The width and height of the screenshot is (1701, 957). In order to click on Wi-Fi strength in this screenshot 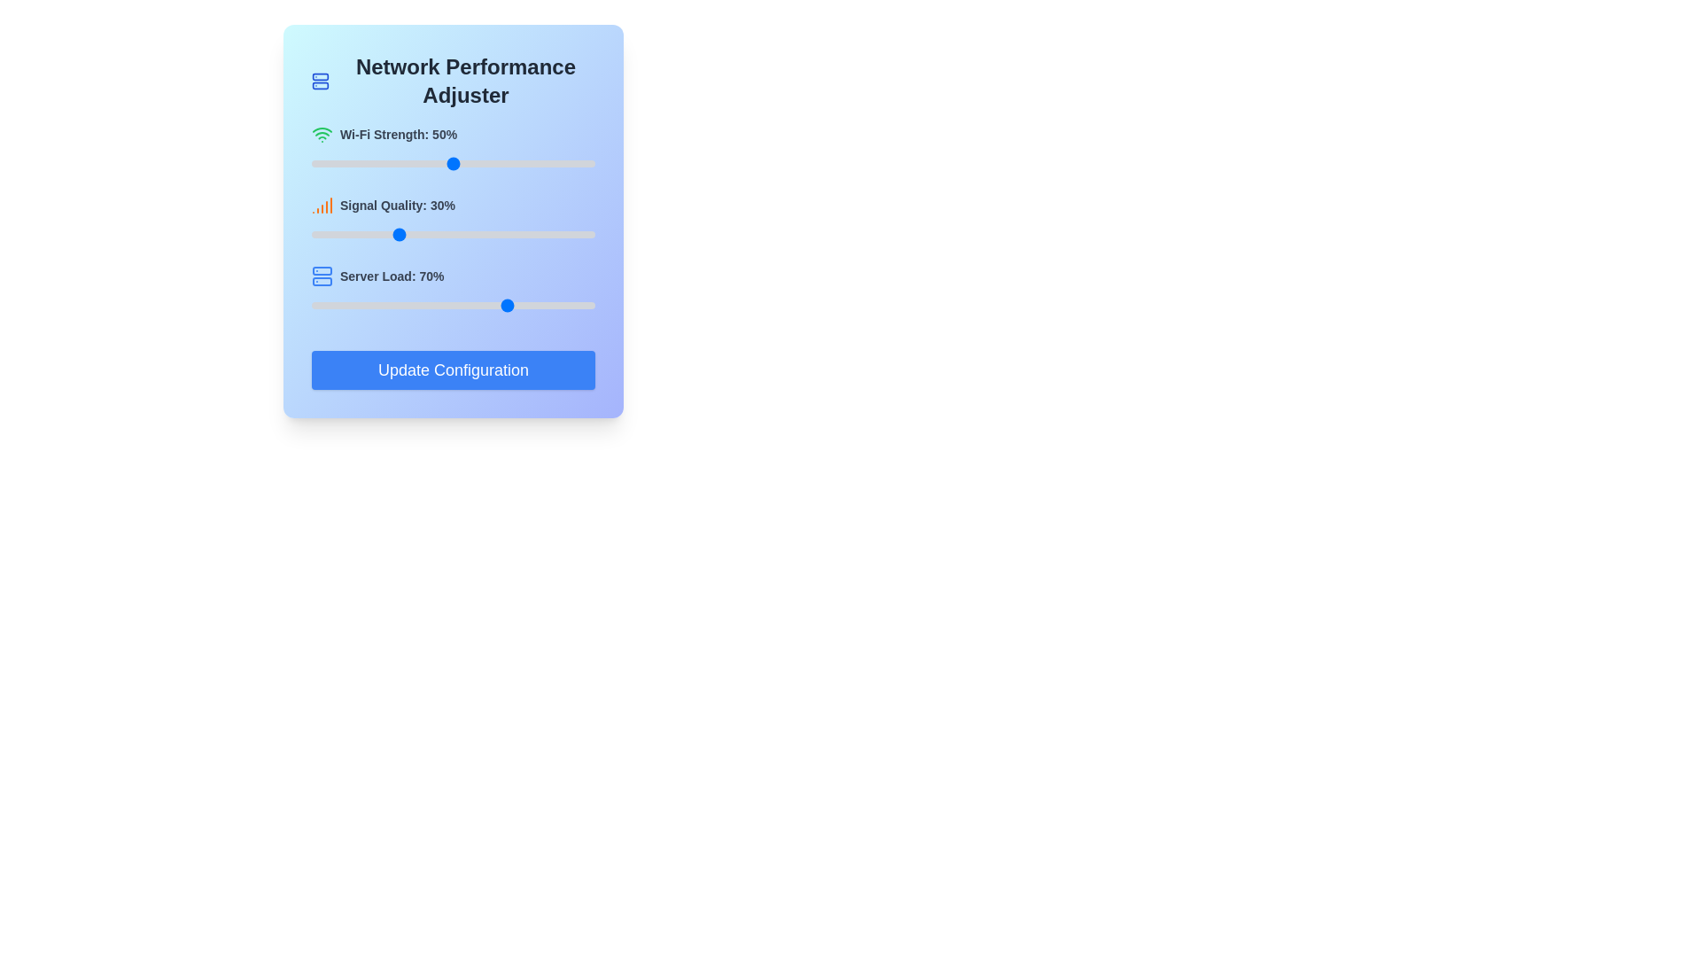, I will do `click(442, 164)`.